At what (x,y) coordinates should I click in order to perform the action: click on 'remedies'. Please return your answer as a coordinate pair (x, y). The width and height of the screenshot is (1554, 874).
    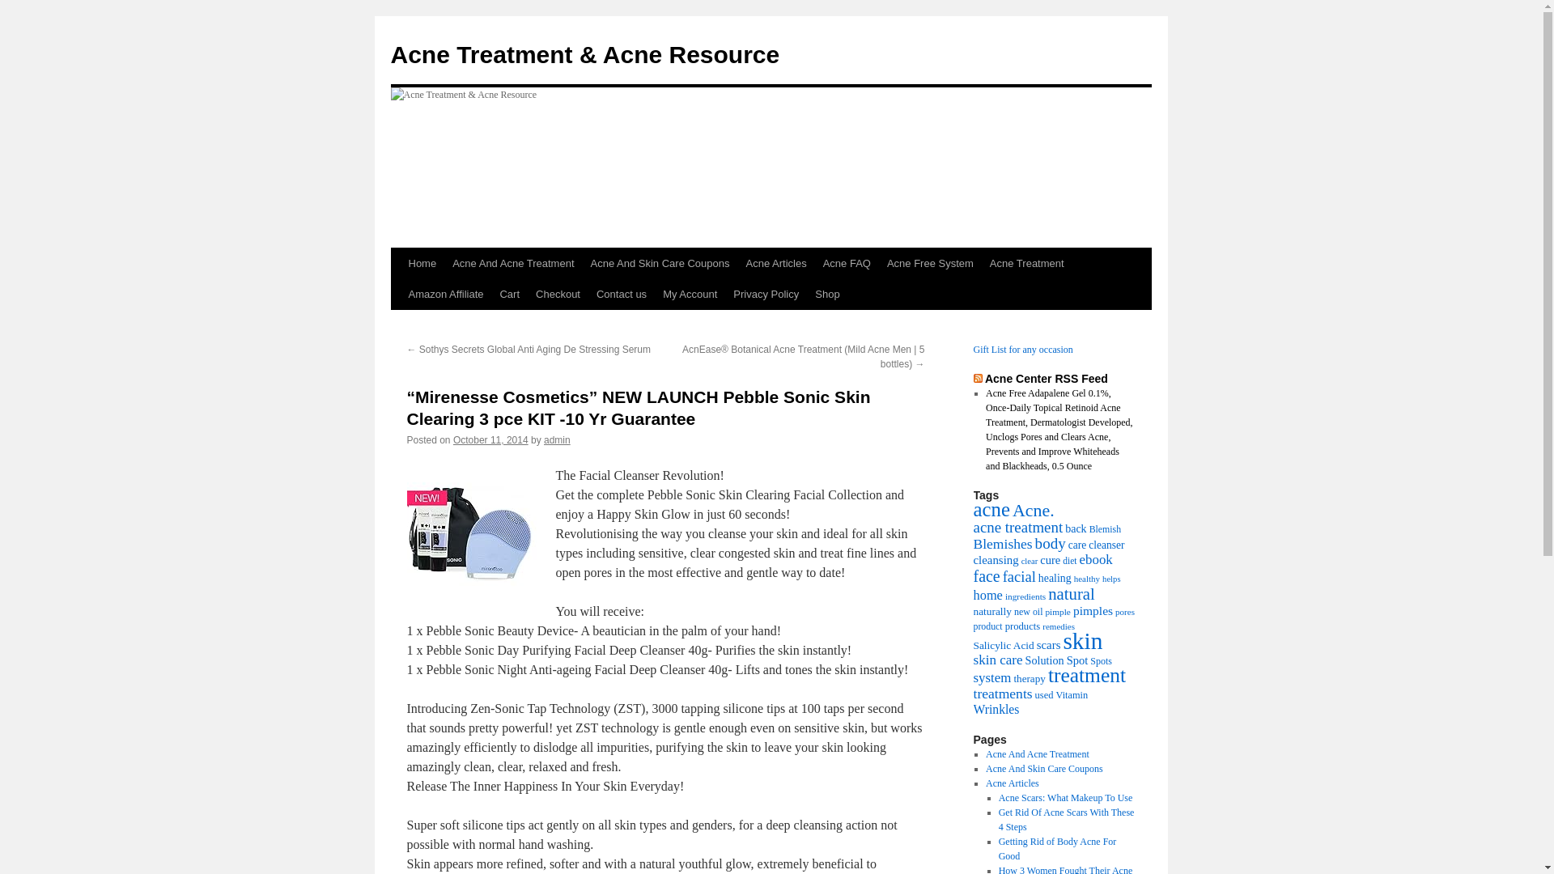
    Looking at the image, I should click on (1058, 626).